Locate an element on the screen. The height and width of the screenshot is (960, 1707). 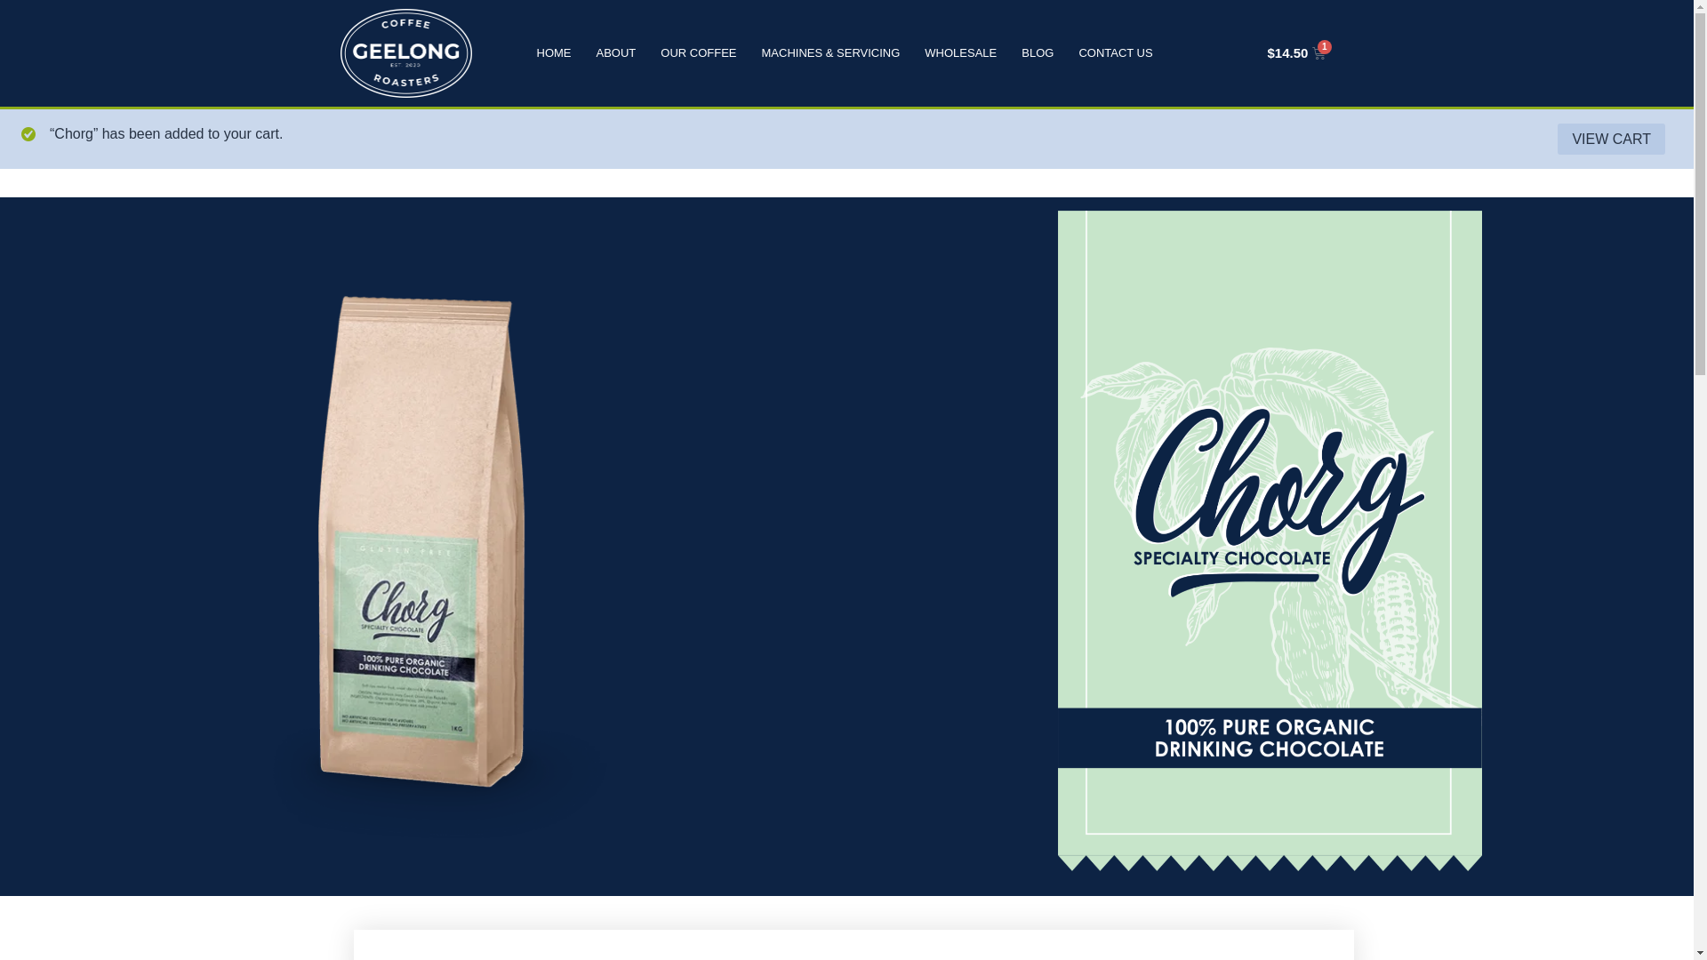
'WHOLESALE' is located at coordinates (959, 52).